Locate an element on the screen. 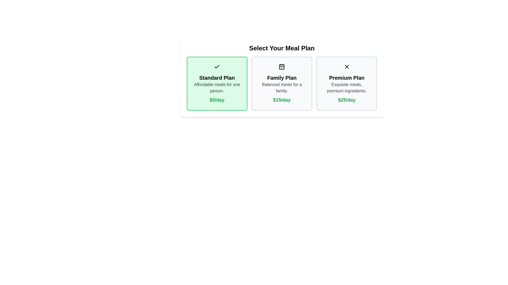  the 'Standard Plan' Selectable Card, which is the first of three horizontally-arranged cards in the interface is located at coordinates (217, 83).